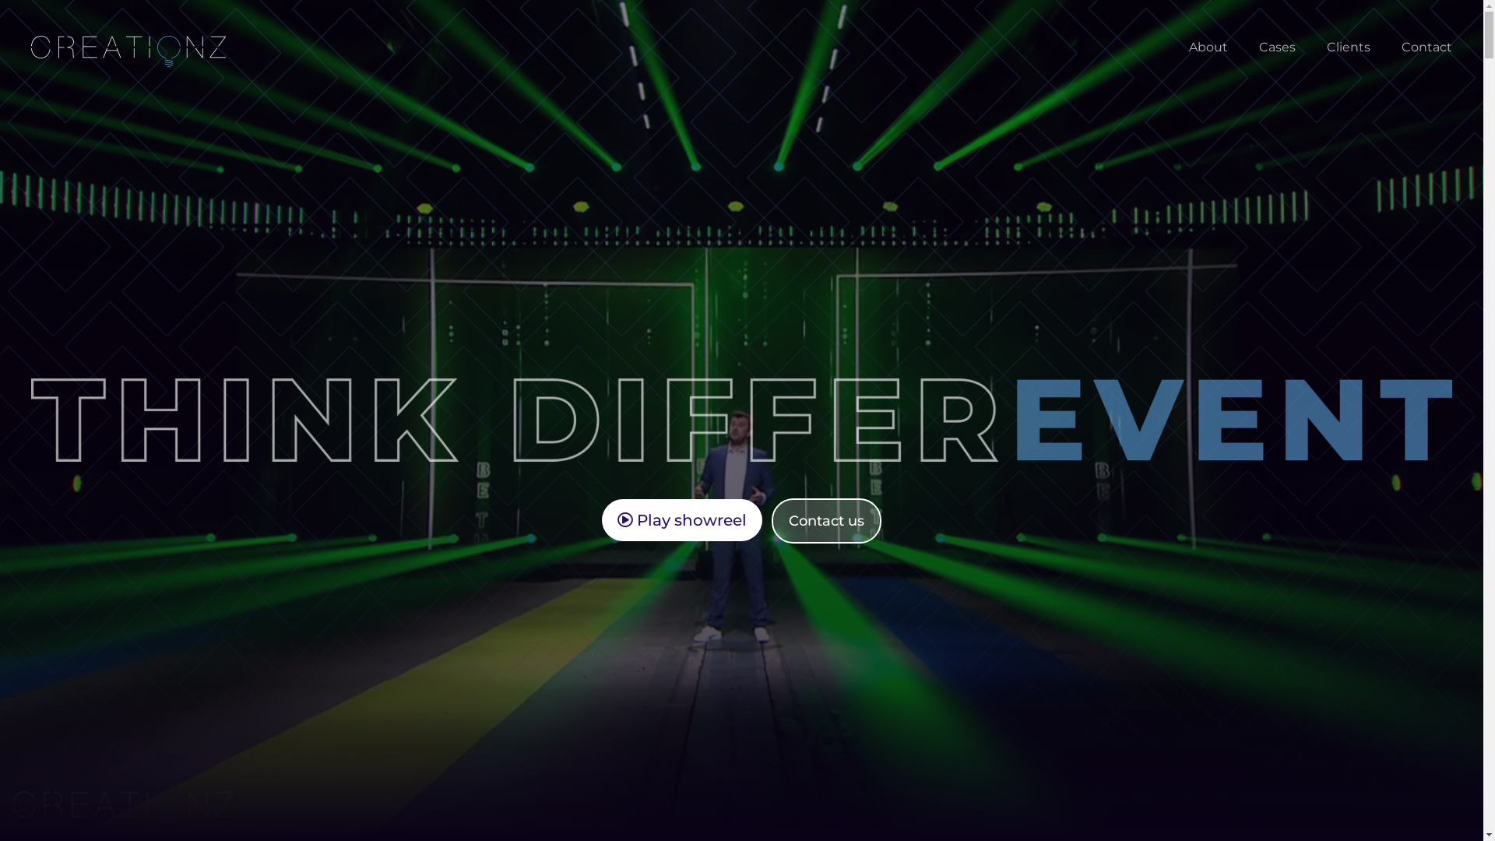  Describe the element at coordinates (1277, 46) in the screenshot. I see `'Cases'` at that location.